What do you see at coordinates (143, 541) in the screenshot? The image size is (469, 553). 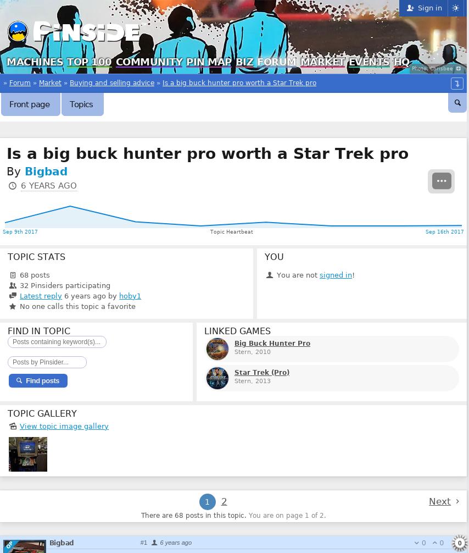 I see `'#1'` at bounding box center [143, 541].